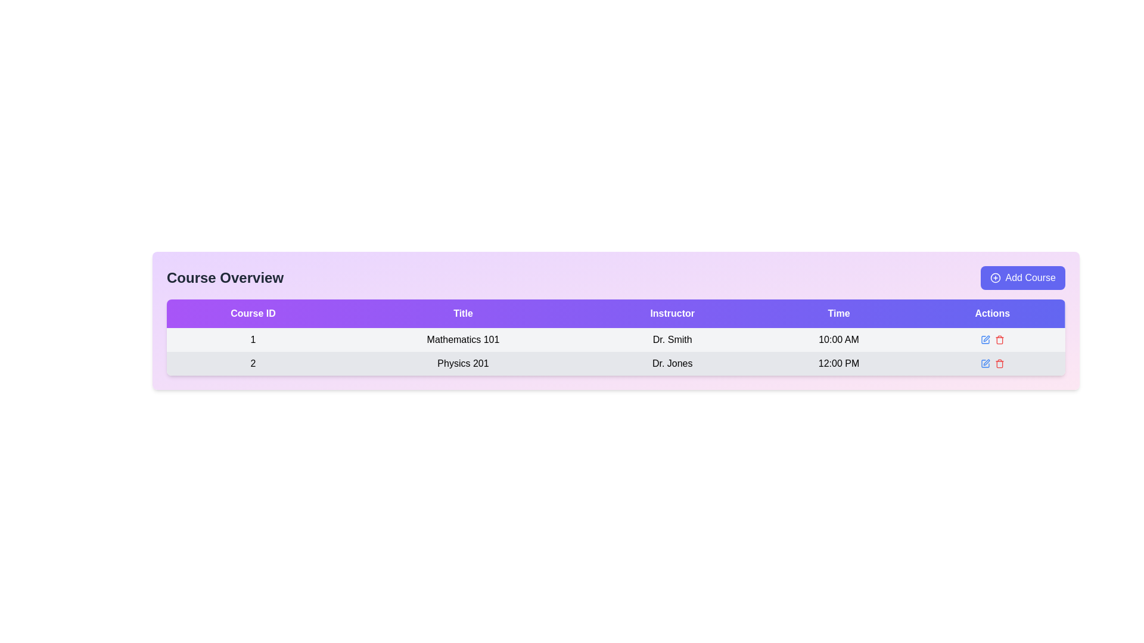 The height and width of the screenshot is (643, 1144). What do you see at coordinates (985, 339) in the screenshot?
I see `the edit icon button in the 'Actions' column of the first row in the course table, which is aligned with the course titled 'Mathematics 101'` at bounding box center [985, 339].